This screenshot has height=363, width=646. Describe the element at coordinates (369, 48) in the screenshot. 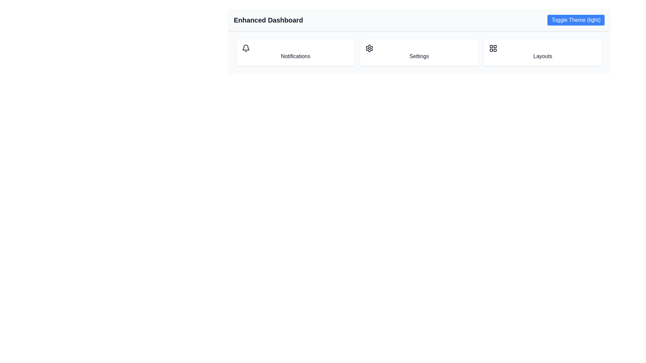

I see `the gear icon located` at that location.